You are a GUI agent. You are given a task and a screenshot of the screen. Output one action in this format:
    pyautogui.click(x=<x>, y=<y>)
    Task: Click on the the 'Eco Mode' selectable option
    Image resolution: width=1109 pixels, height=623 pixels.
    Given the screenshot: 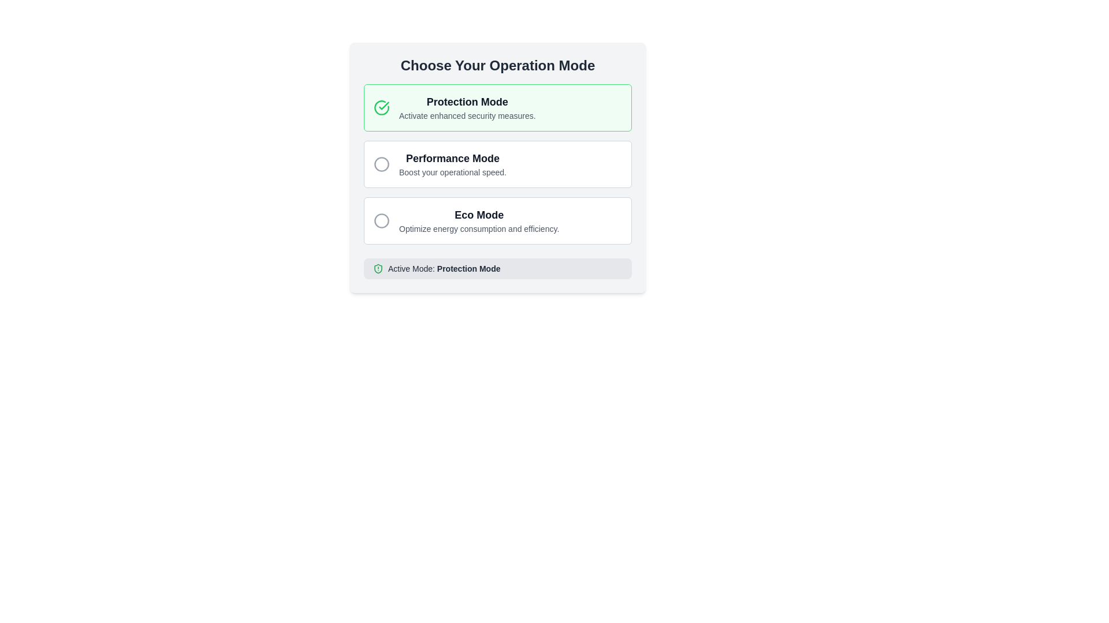 What is the action you would take?
    pyautogui.click(x=479, y=220)
    